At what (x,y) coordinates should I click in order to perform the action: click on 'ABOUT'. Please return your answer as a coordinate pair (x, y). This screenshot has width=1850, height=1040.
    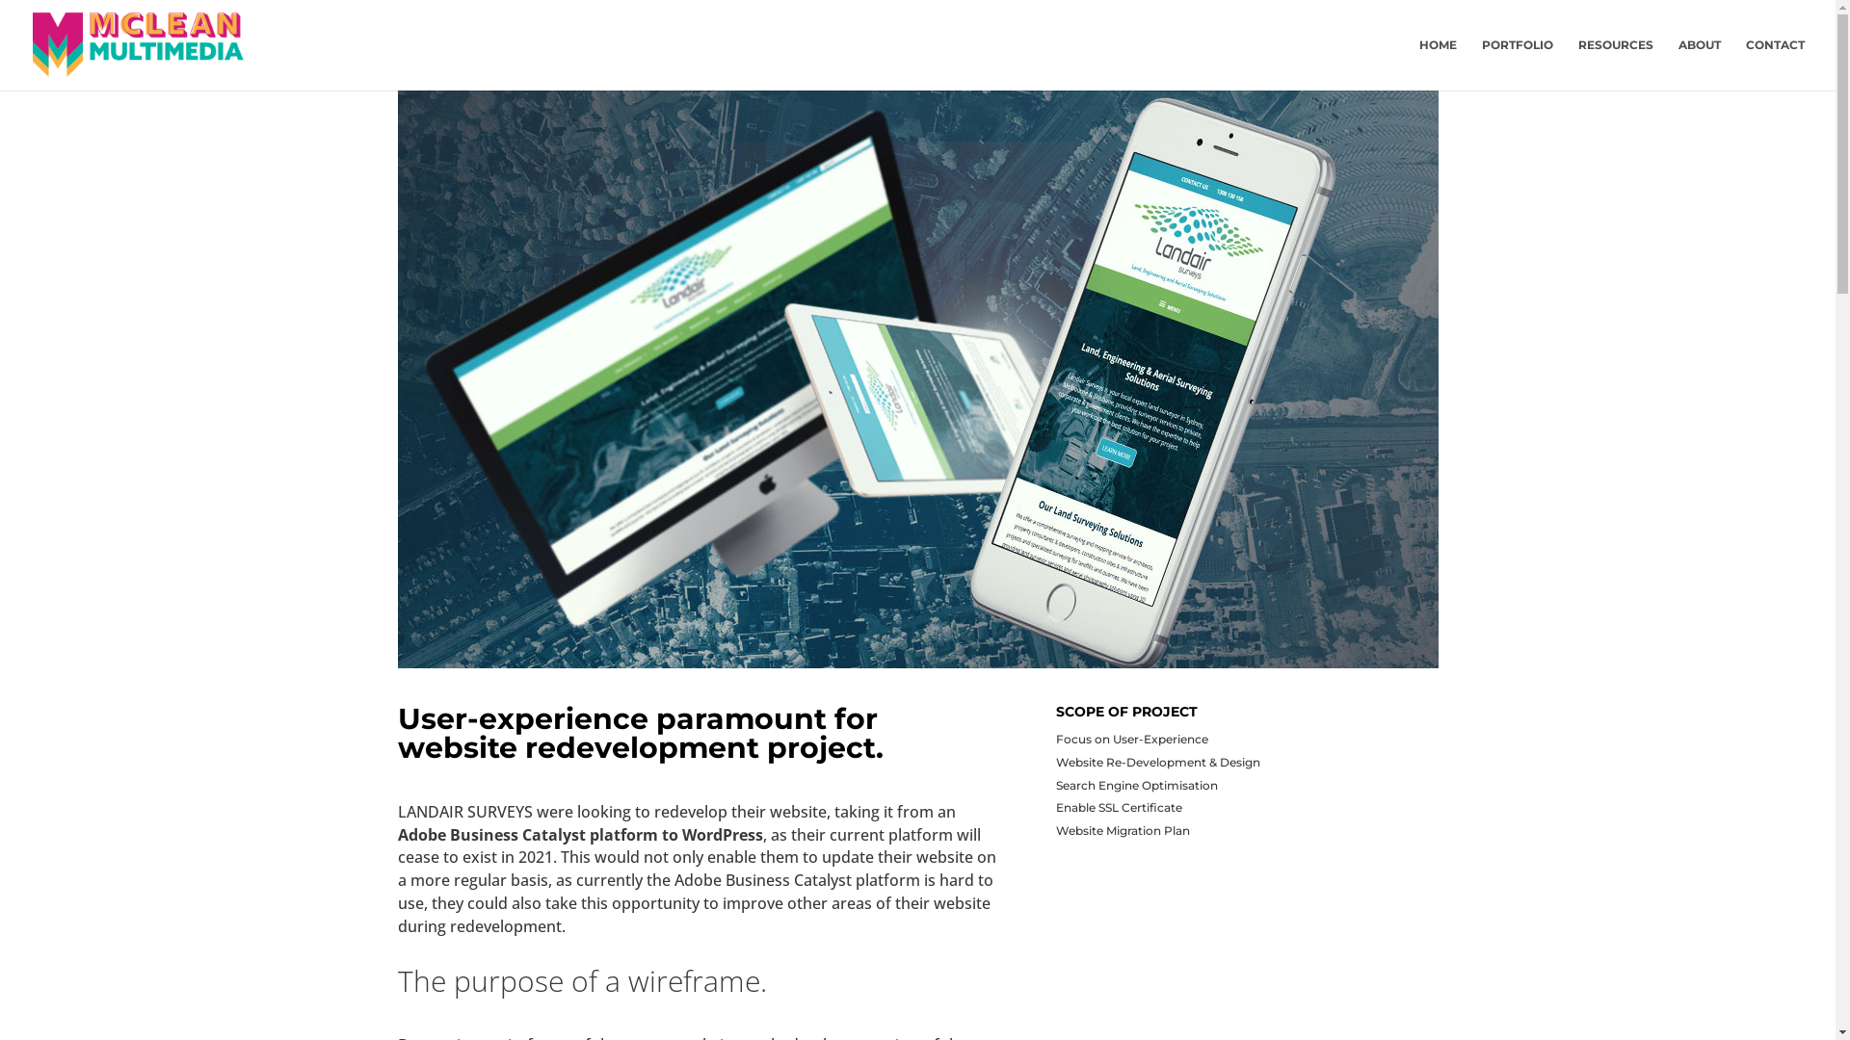
    Looking at the image, I should click on (1699, 63).